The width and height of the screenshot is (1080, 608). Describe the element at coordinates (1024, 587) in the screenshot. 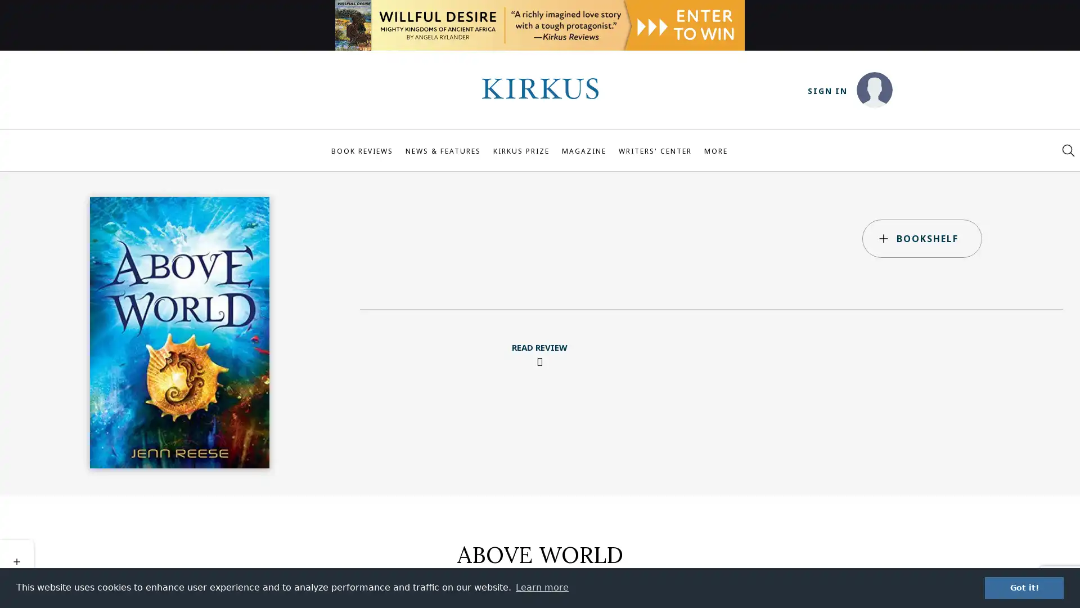

I see `dismiss cookie message` at that location.